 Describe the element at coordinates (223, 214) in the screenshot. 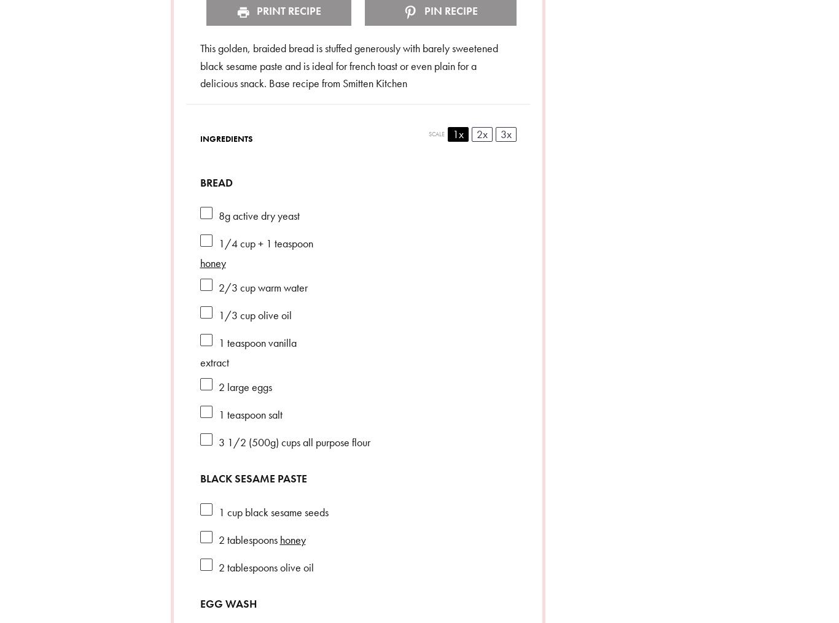

I see `'8g'` at that location.